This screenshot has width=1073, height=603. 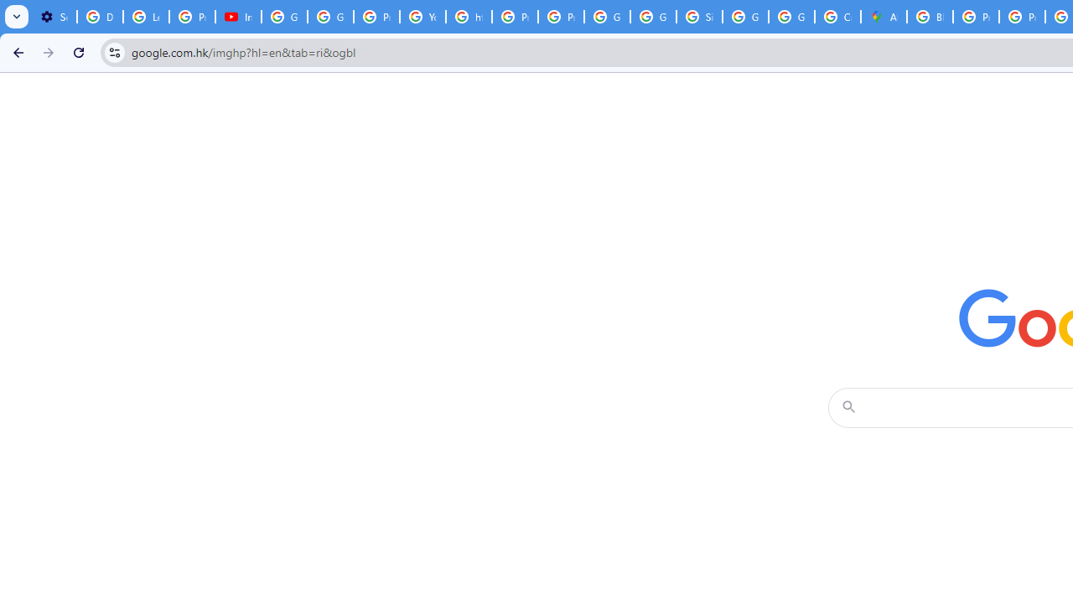 What do you see at coordinates (99, 17) in the screenshot?
I see `'Delete photos & videos - Computer - Google Photos Help'` at bounding box center [99, 17].